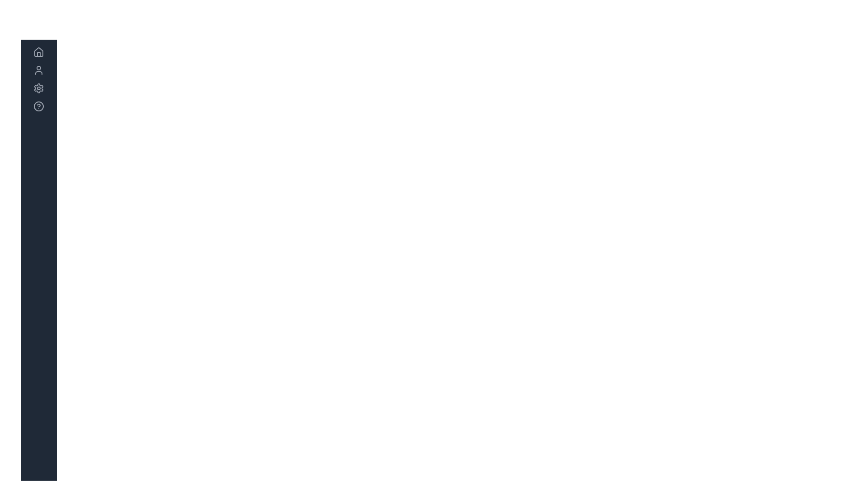  What do you see at coordinates (38, 52) in the screenshot?
I see `the Icon Button located at the top of the vertical list of icons on the left sidebar` at bounding box center [38, 52].